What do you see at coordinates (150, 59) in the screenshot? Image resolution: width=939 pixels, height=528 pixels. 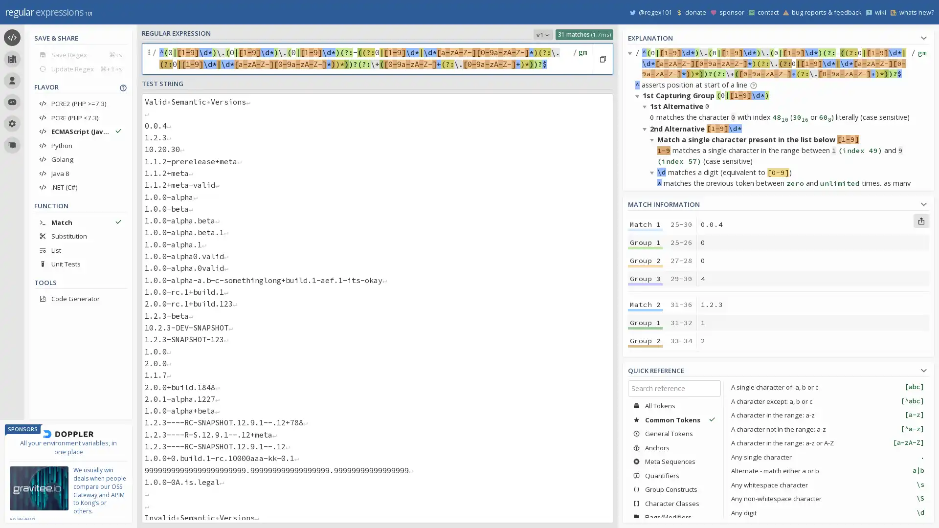 I see `Change delimiter` at bounding box center [150, 59].